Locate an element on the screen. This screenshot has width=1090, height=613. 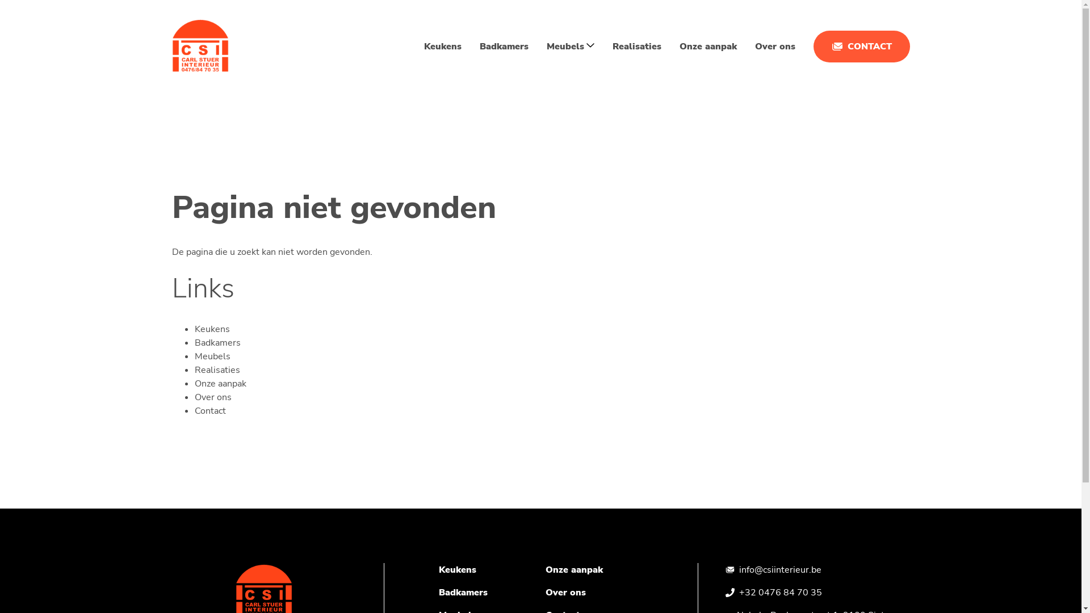
'Realisaties' is located at coordinates (636, 45).